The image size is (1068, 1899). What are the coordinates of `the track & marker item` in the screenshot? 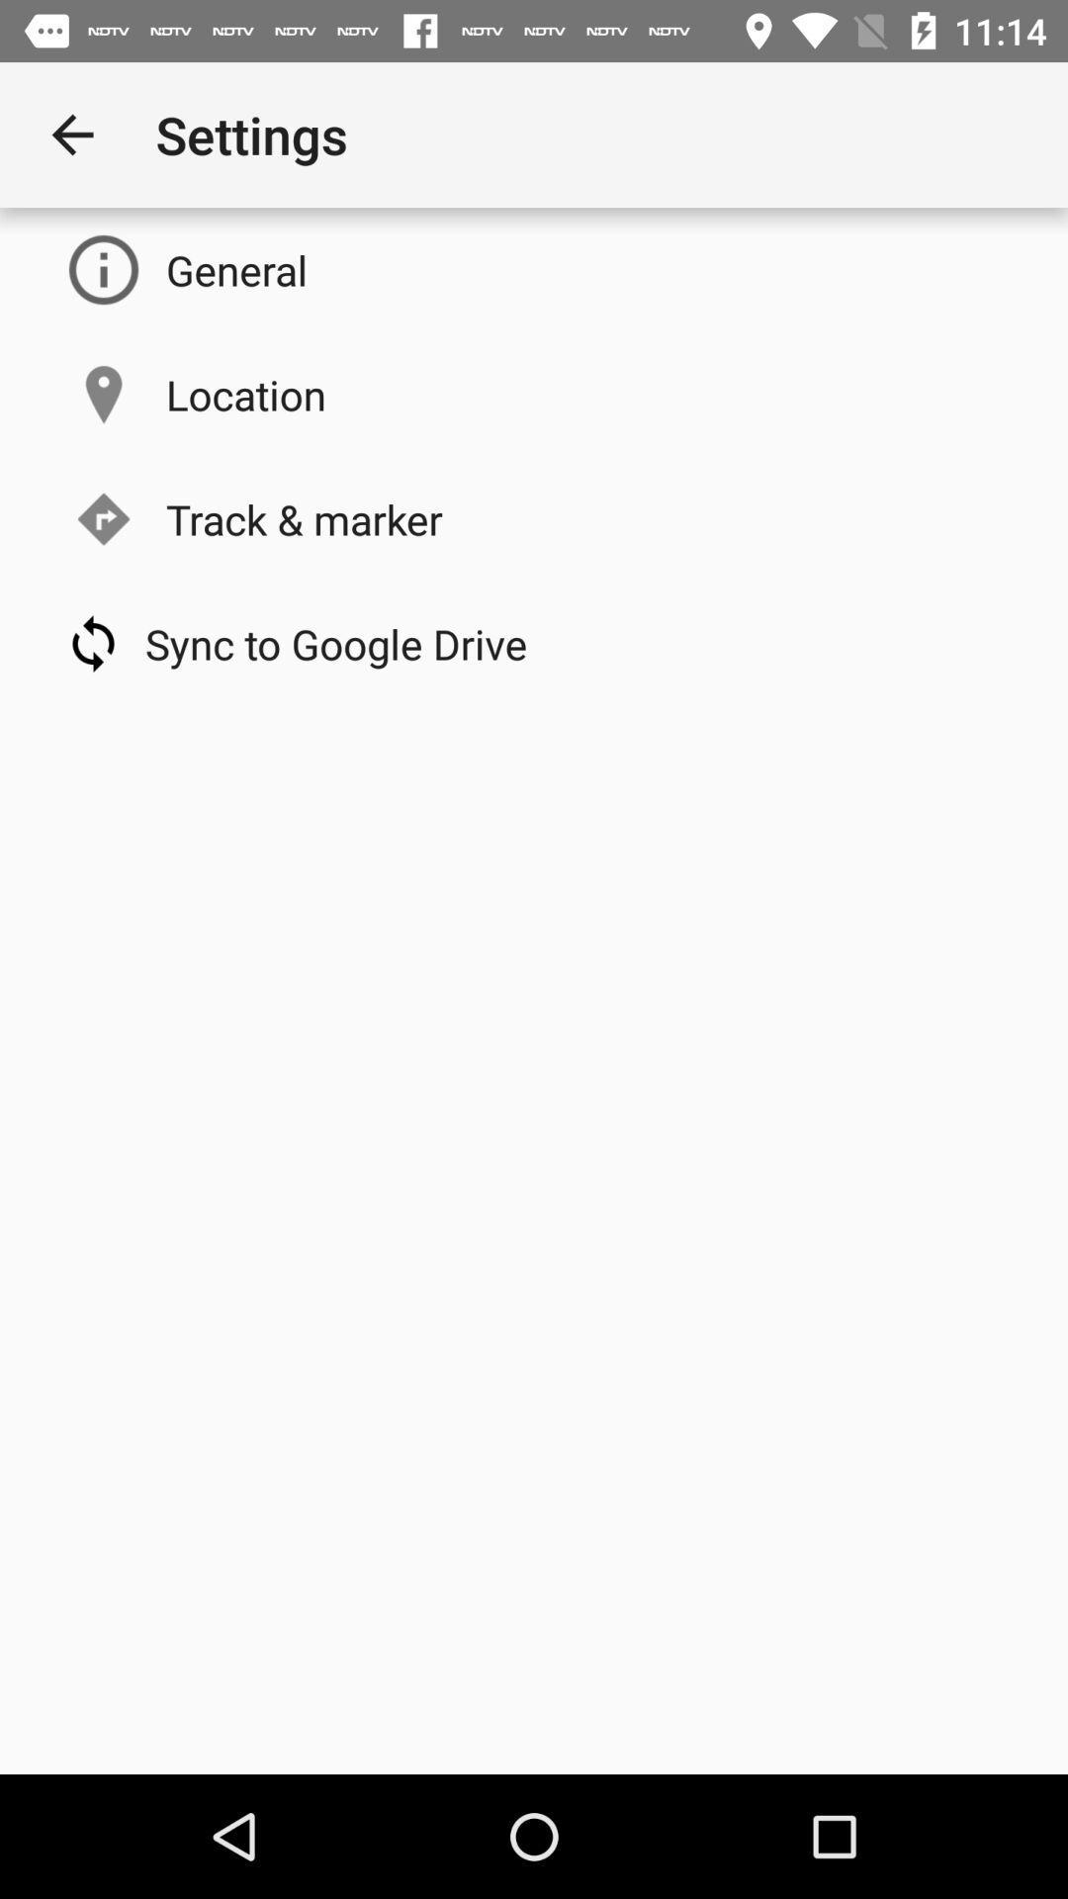 It's located at (304, 518).